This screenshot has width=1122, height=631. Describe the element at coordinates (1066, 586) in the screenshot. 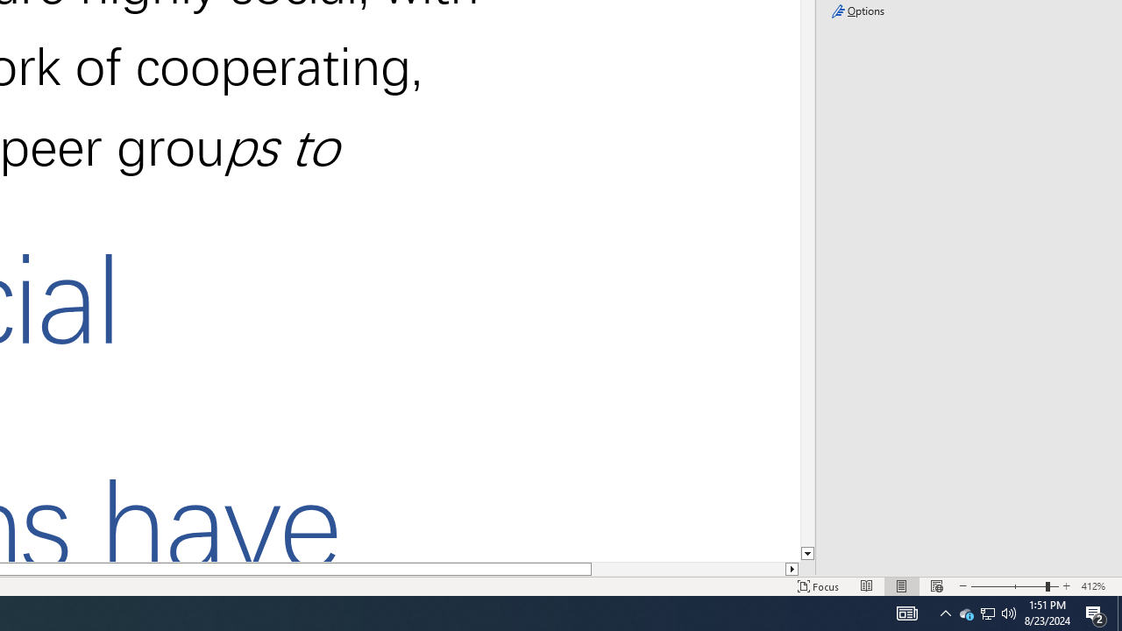

I see `'Zoom In'` at that location.